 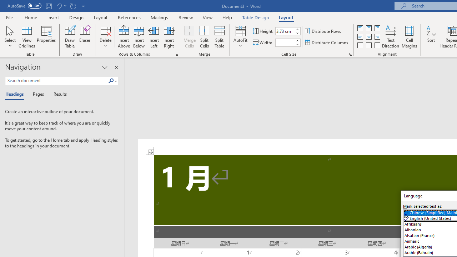 I want to click on 'Text Direction', so click(x=390, y=37).